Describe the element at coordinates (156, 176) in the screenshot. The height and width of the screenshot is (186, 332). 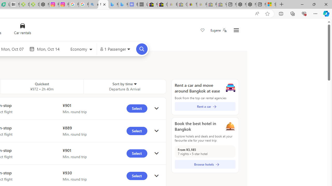
I see `'click to get details'` at that location.